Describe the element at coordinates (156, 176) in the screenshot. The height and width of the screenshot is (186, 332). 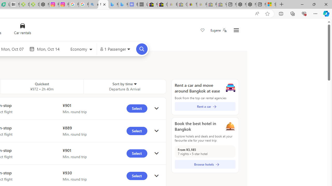
I see `'click to get details'` at that location.